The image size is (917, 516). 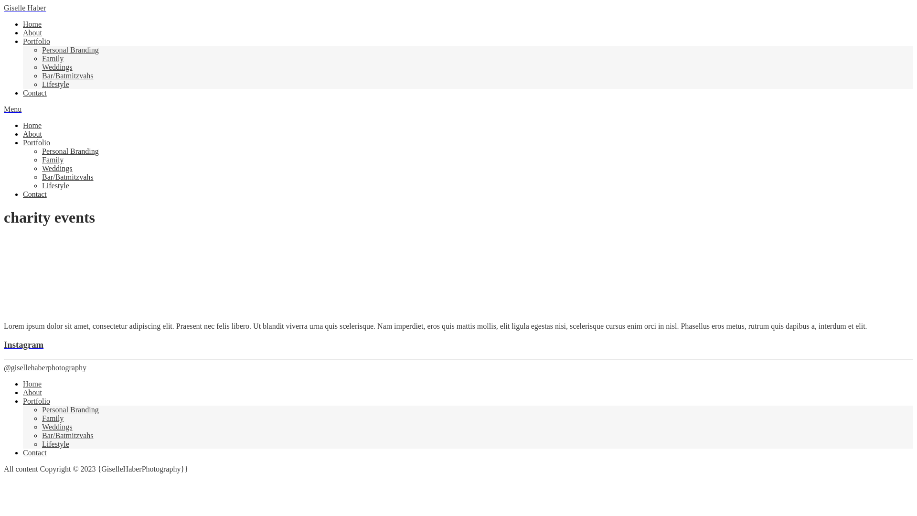 What do you see at coordinates (23, 125) in the screenshot?
I see `'Home'` at bounding box center [23, 125].